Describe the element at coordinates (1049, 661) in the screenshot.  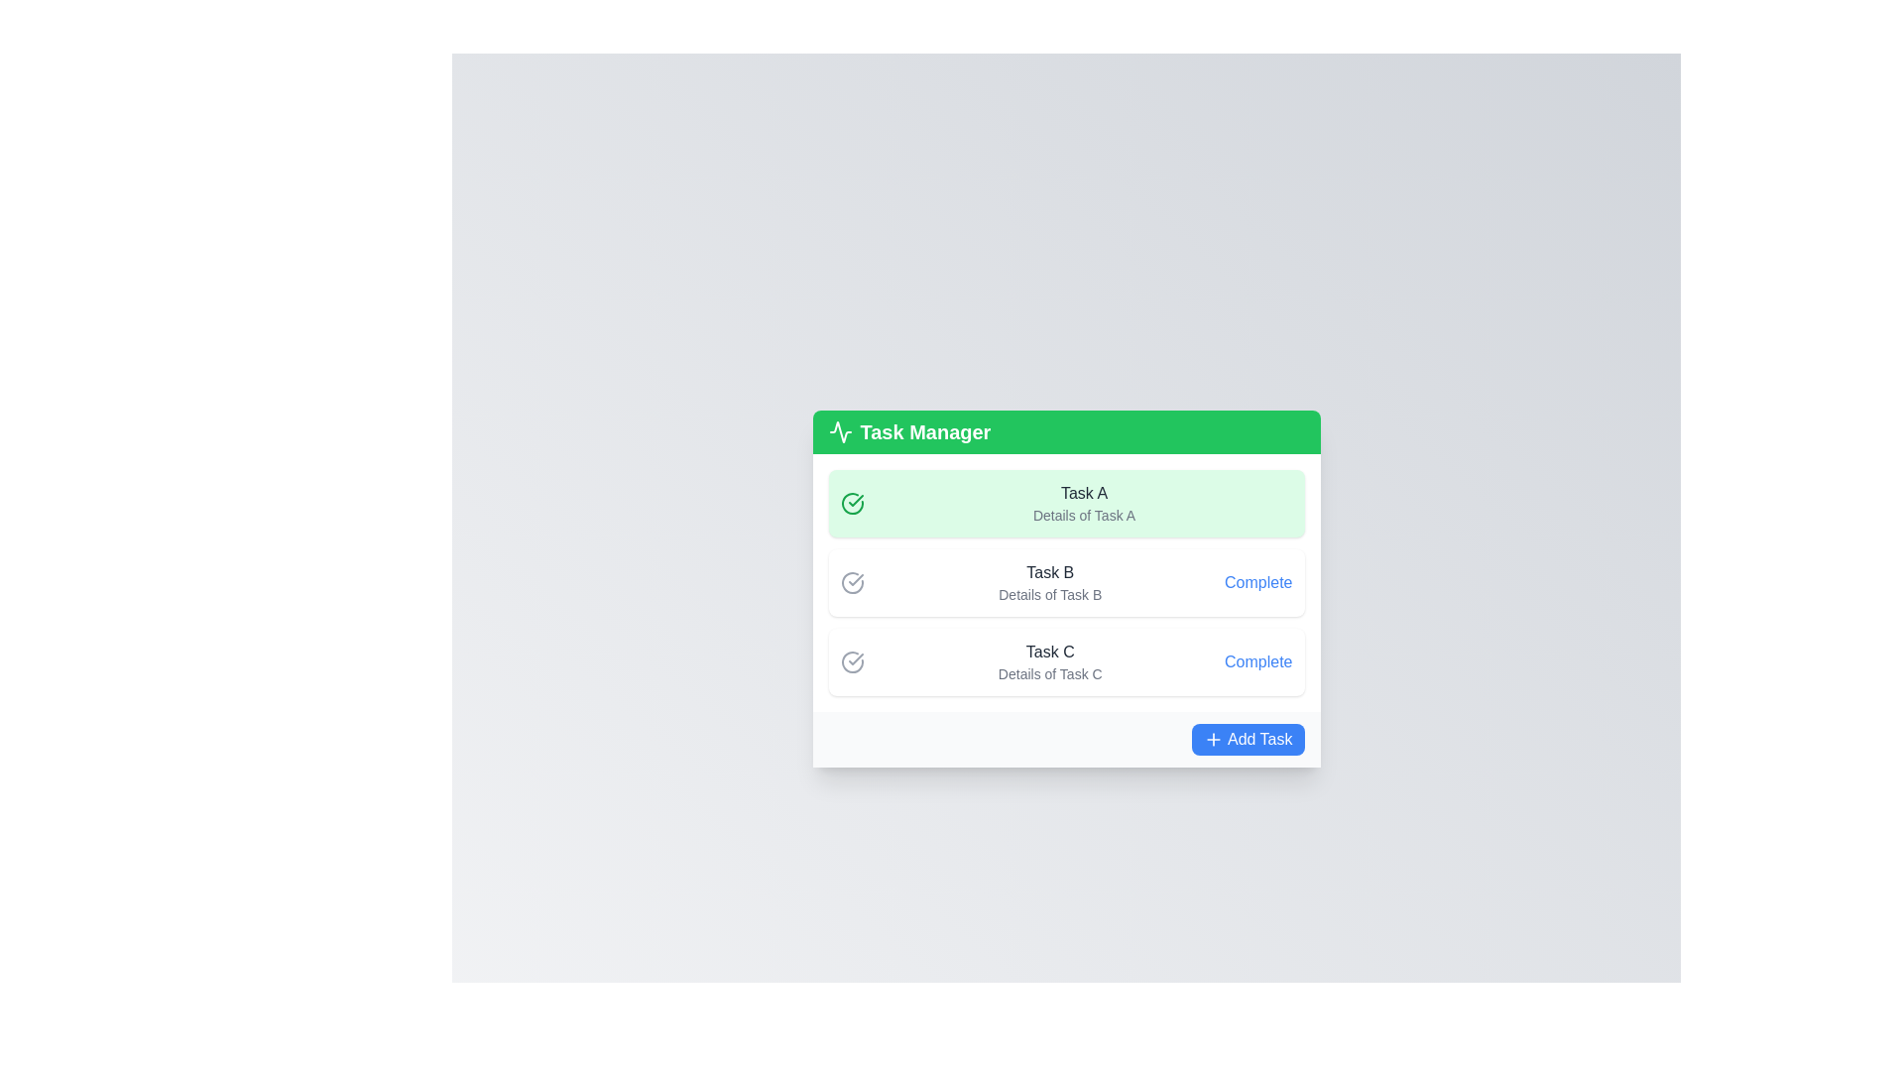
I see `the text block labeled 'Task C' with subtitle 'Details of Task C', located in the 'Task Manager' interface, positioned below 'Task A' and 'Task B'` at that location.